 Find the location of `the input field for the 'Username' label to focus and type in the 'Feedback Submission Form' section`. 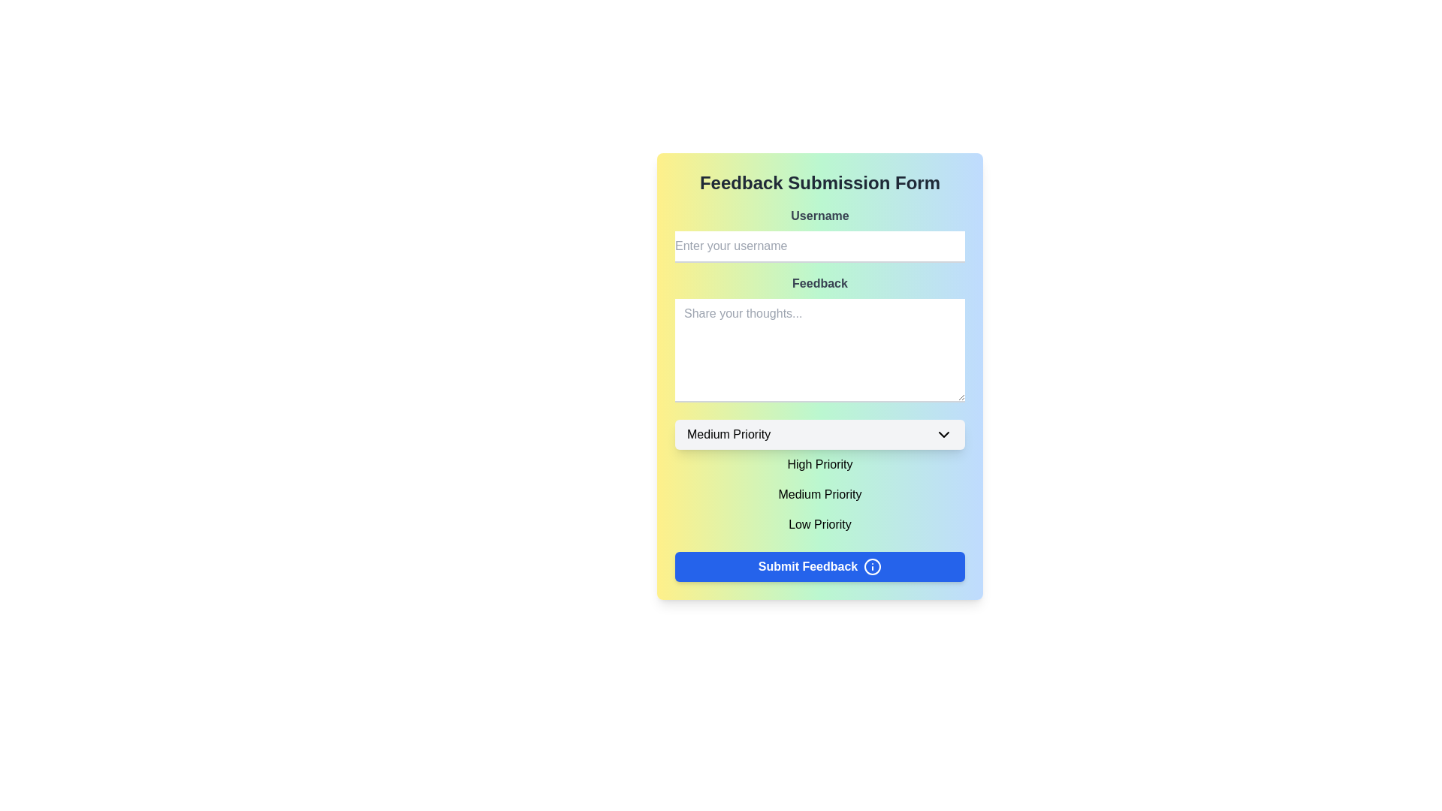

the input field for the 'Username' label to focus and type in the 'Feedback Submission Form' section is located at coordinates (819, 234).